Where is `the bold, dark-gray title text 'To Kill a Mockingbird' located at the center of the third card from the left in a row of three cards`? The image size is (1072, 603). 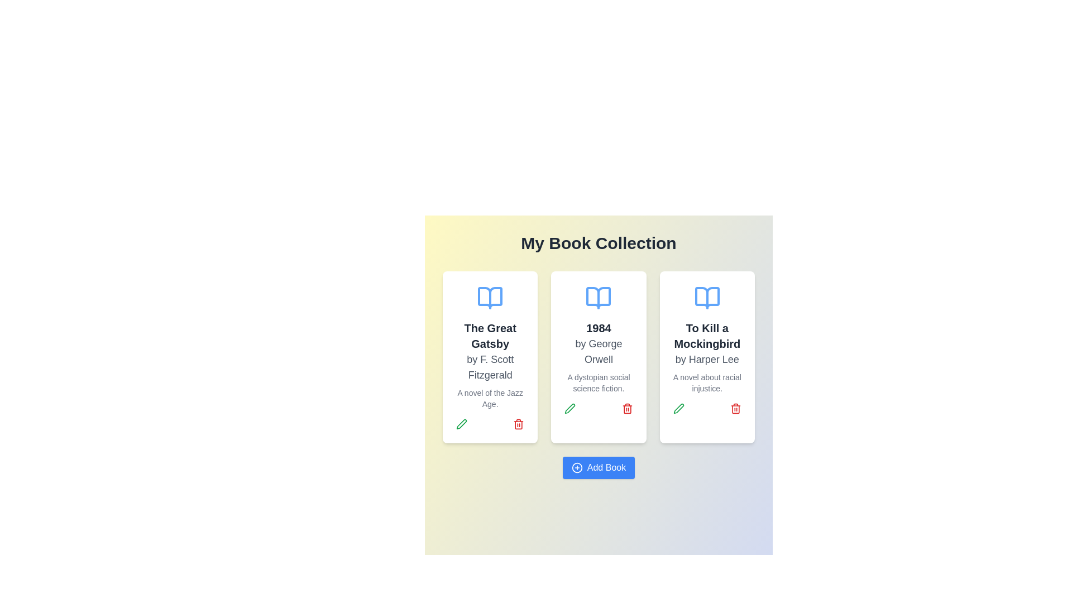
the bold, dark-gray title text 'To Kill a Mockingbird' located at the center of the third card from the left in a row of three cards is located at coordinates (706, 335).